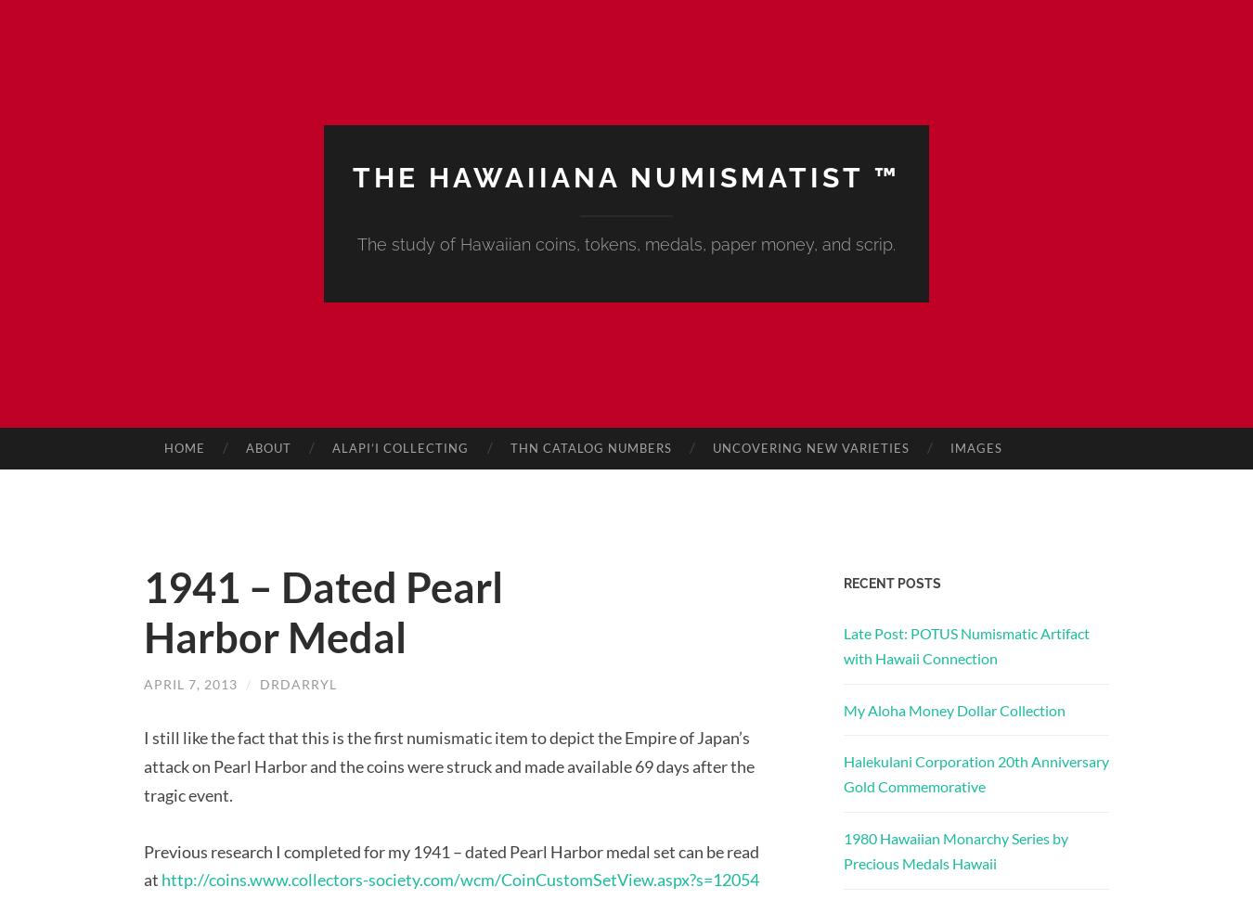 This screenshot has height=900, width=1253. Describe the element at coordinates (891, 584) in the screenshot. I see `'Recent Posts'` at that location.